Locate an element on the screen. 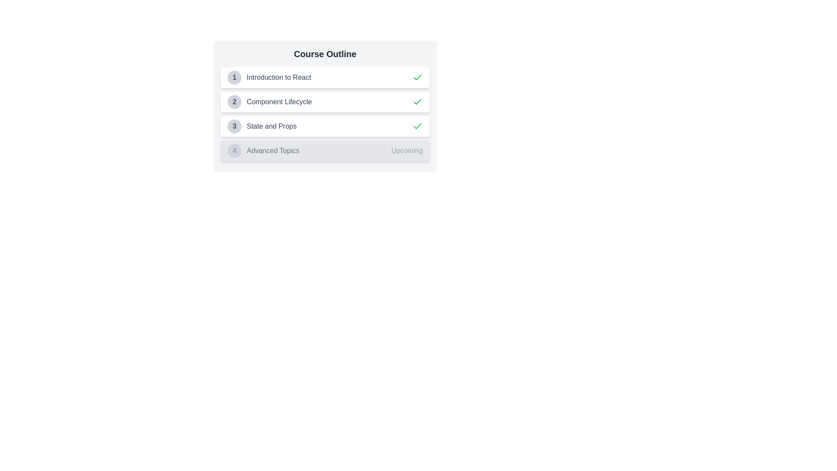 The width and height of the screenshot is (837, 471). the first list item in the 'Course Outline' section to highlight it is located at coordinates (269, 77).